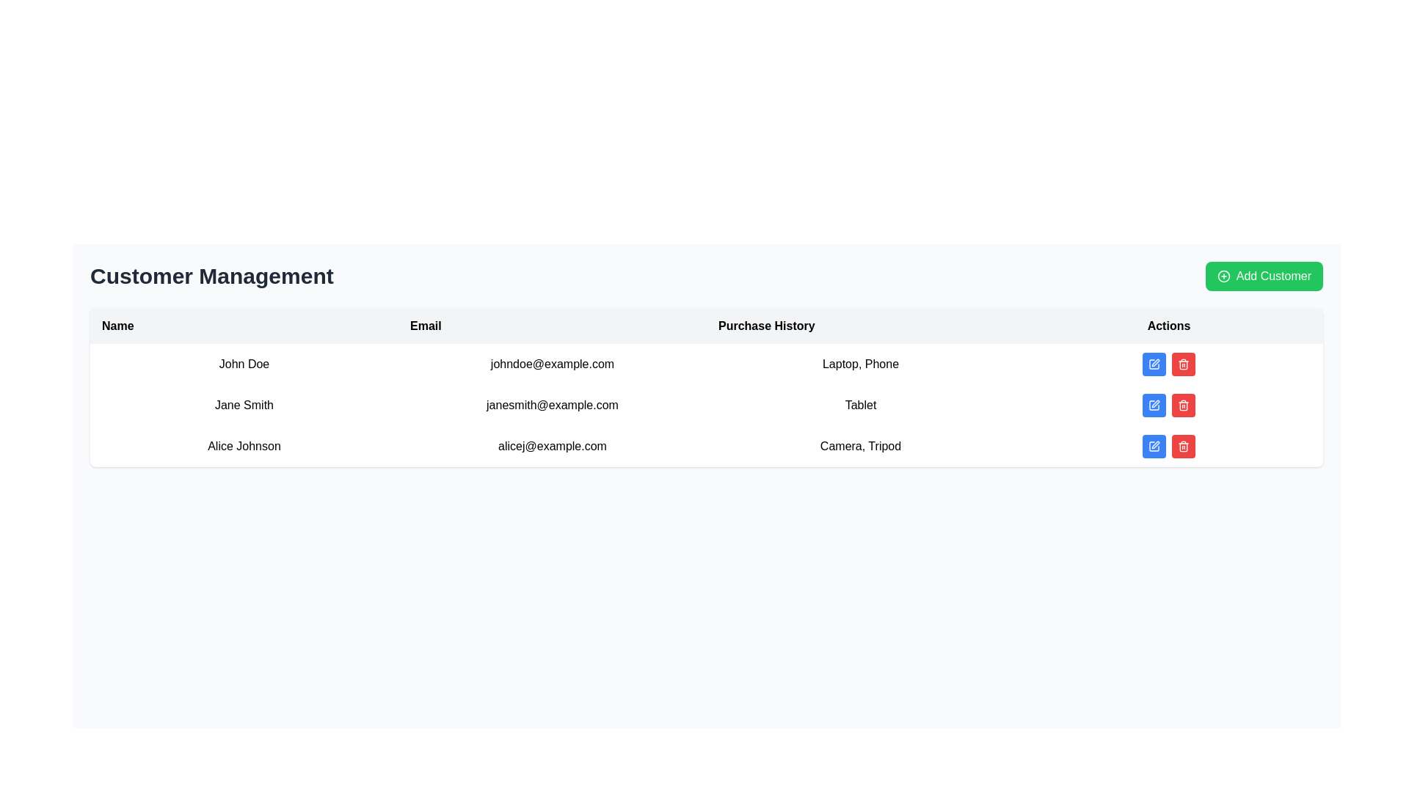  What do you see at coordinates (860, 446) in the screenshot?
I see `the text display that shows the purchase history for 'Alice Johnson', located in the third column of the table` at bounding box center [860, 446].